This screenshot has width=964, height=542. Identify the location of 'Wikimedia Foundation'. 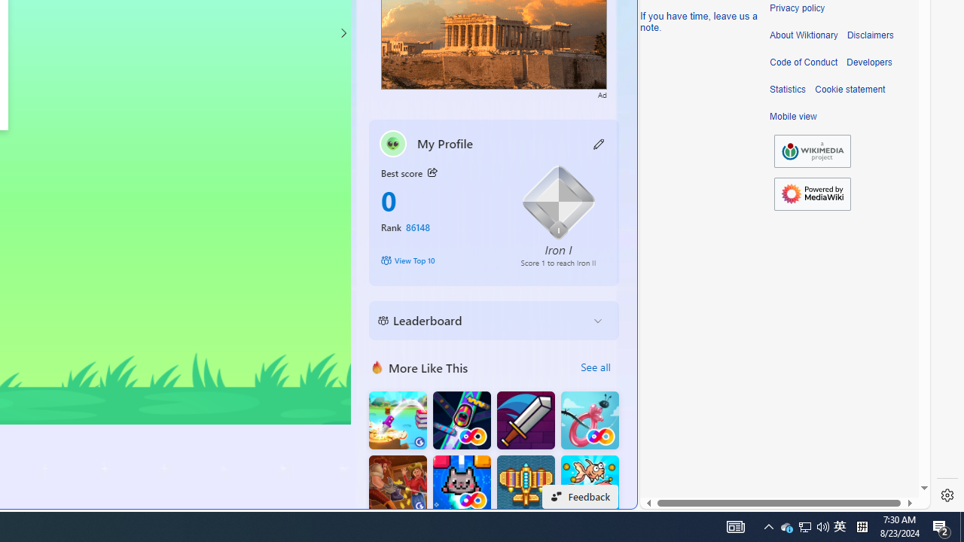
(812, 151).